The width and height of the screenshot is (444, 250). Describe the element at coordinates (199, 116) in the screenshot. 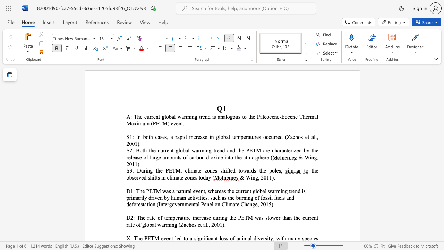

I see `the 2th character "t" in the text` at that location.